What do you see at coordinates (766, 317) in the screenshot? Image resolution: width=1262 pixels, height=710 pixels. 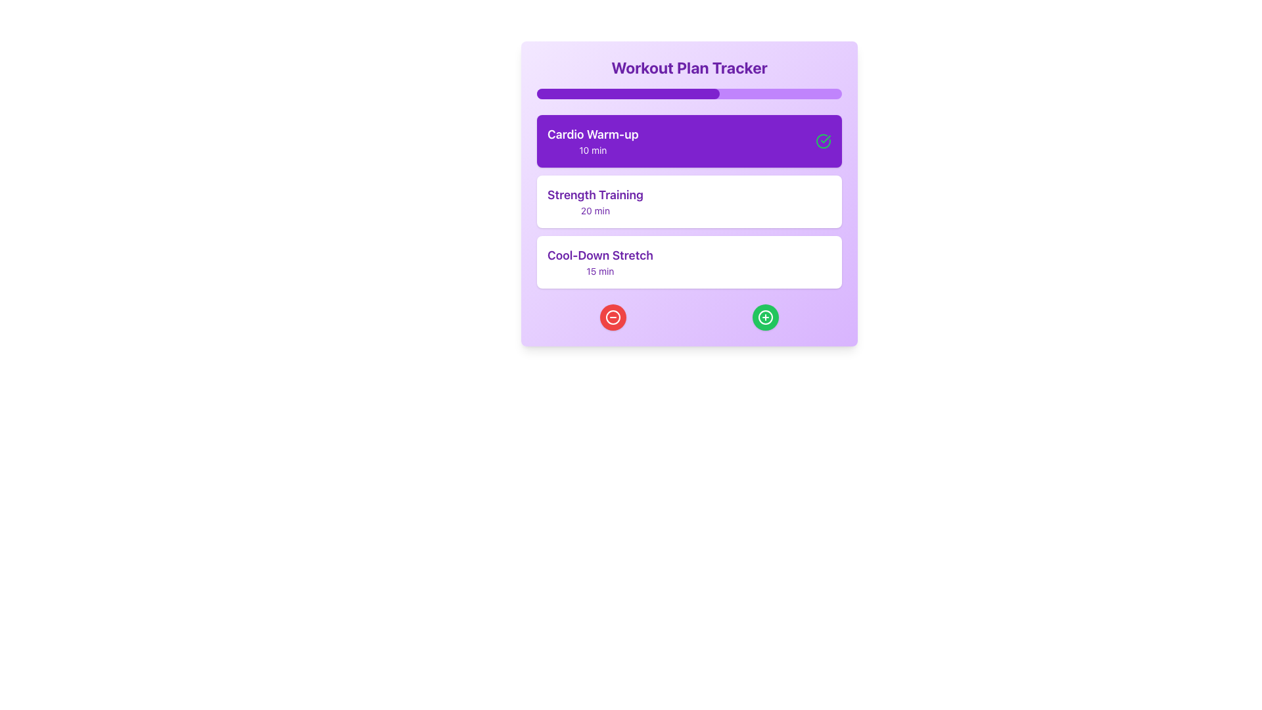 I see `the green circular button with a white cross symbol` at bounding box center [766, 317].